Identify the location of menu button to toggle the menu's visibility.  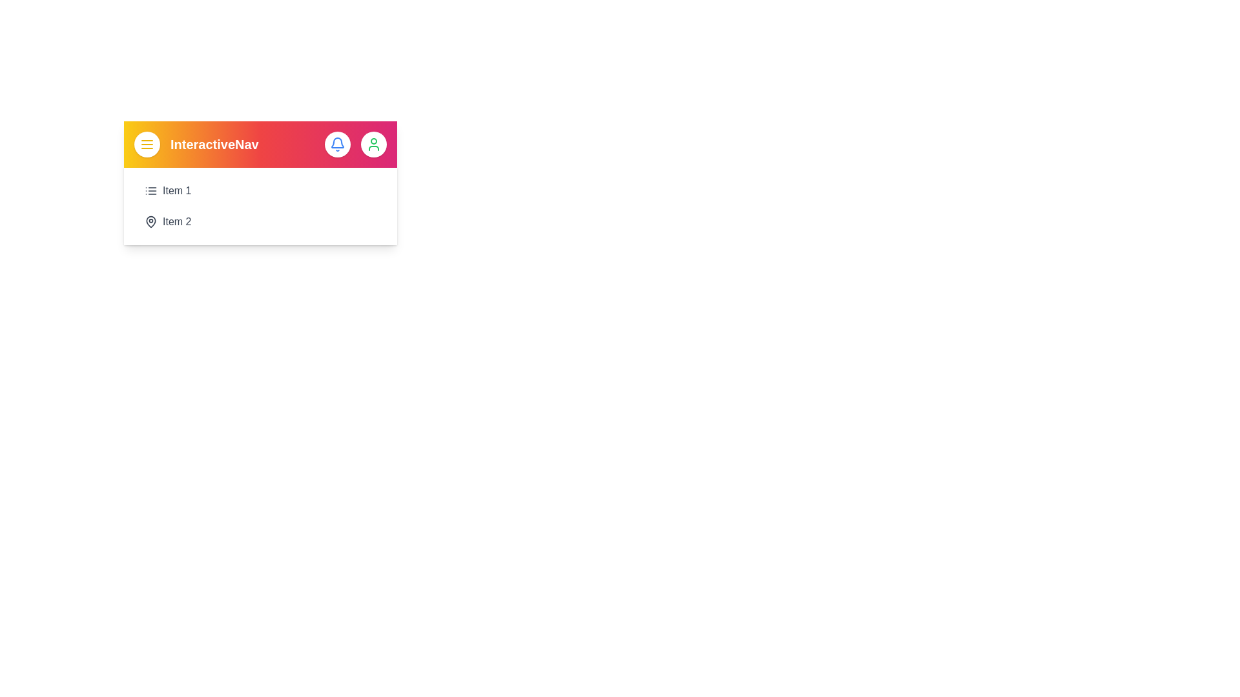
(147, 144).